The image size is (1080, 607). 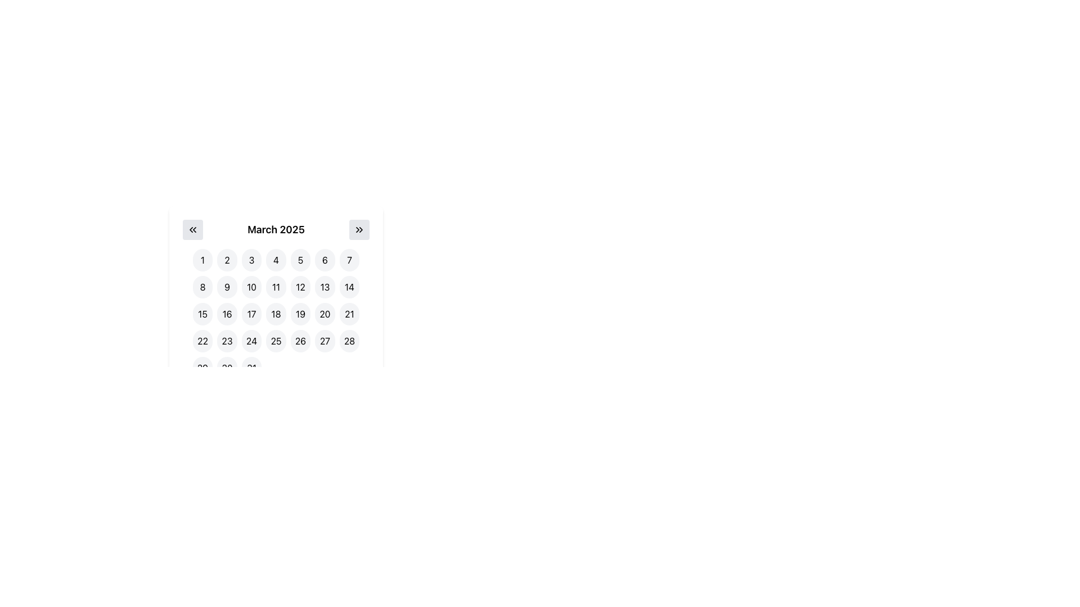 What do you see at coordinates (276, 286) in the screenshot?
I see `the button representing the 11th day of March 2025 in the calendar grid` at bounding box center [276, 286].